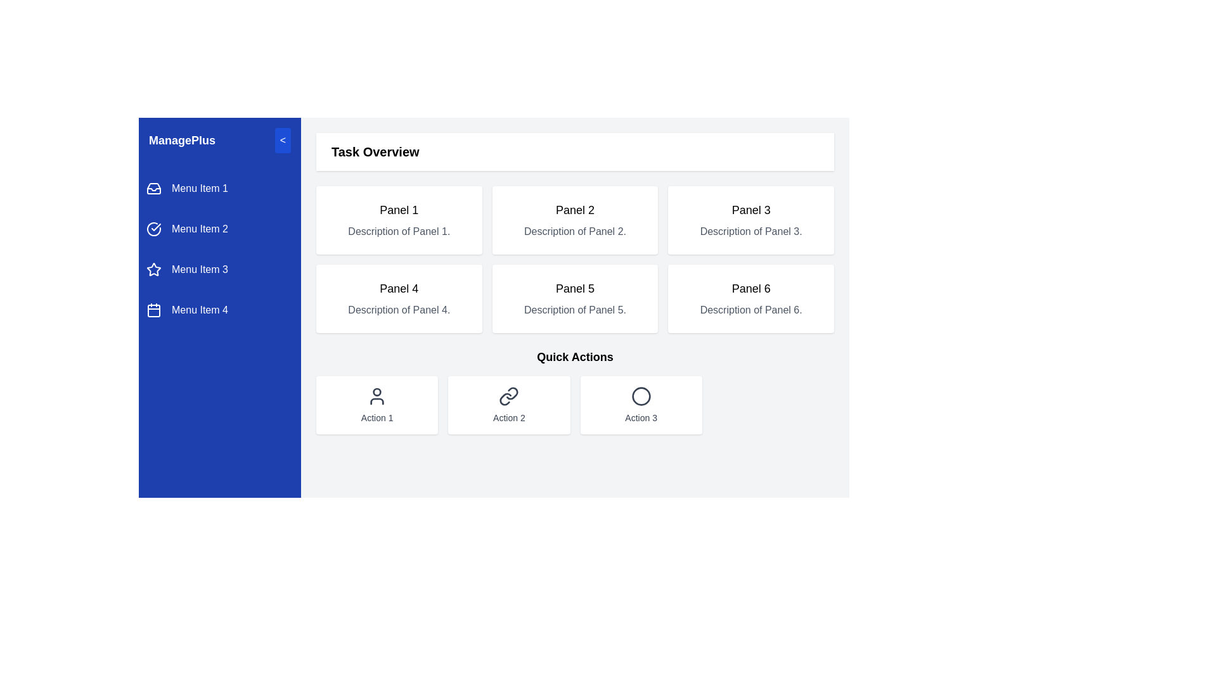 The height and width of the screenshot is (684, 1217). I want to click on the decorative or informative shape within the icon located in the sidebar on the top-left corner, below the 'ManagePlus' heading, so click(153, 189).